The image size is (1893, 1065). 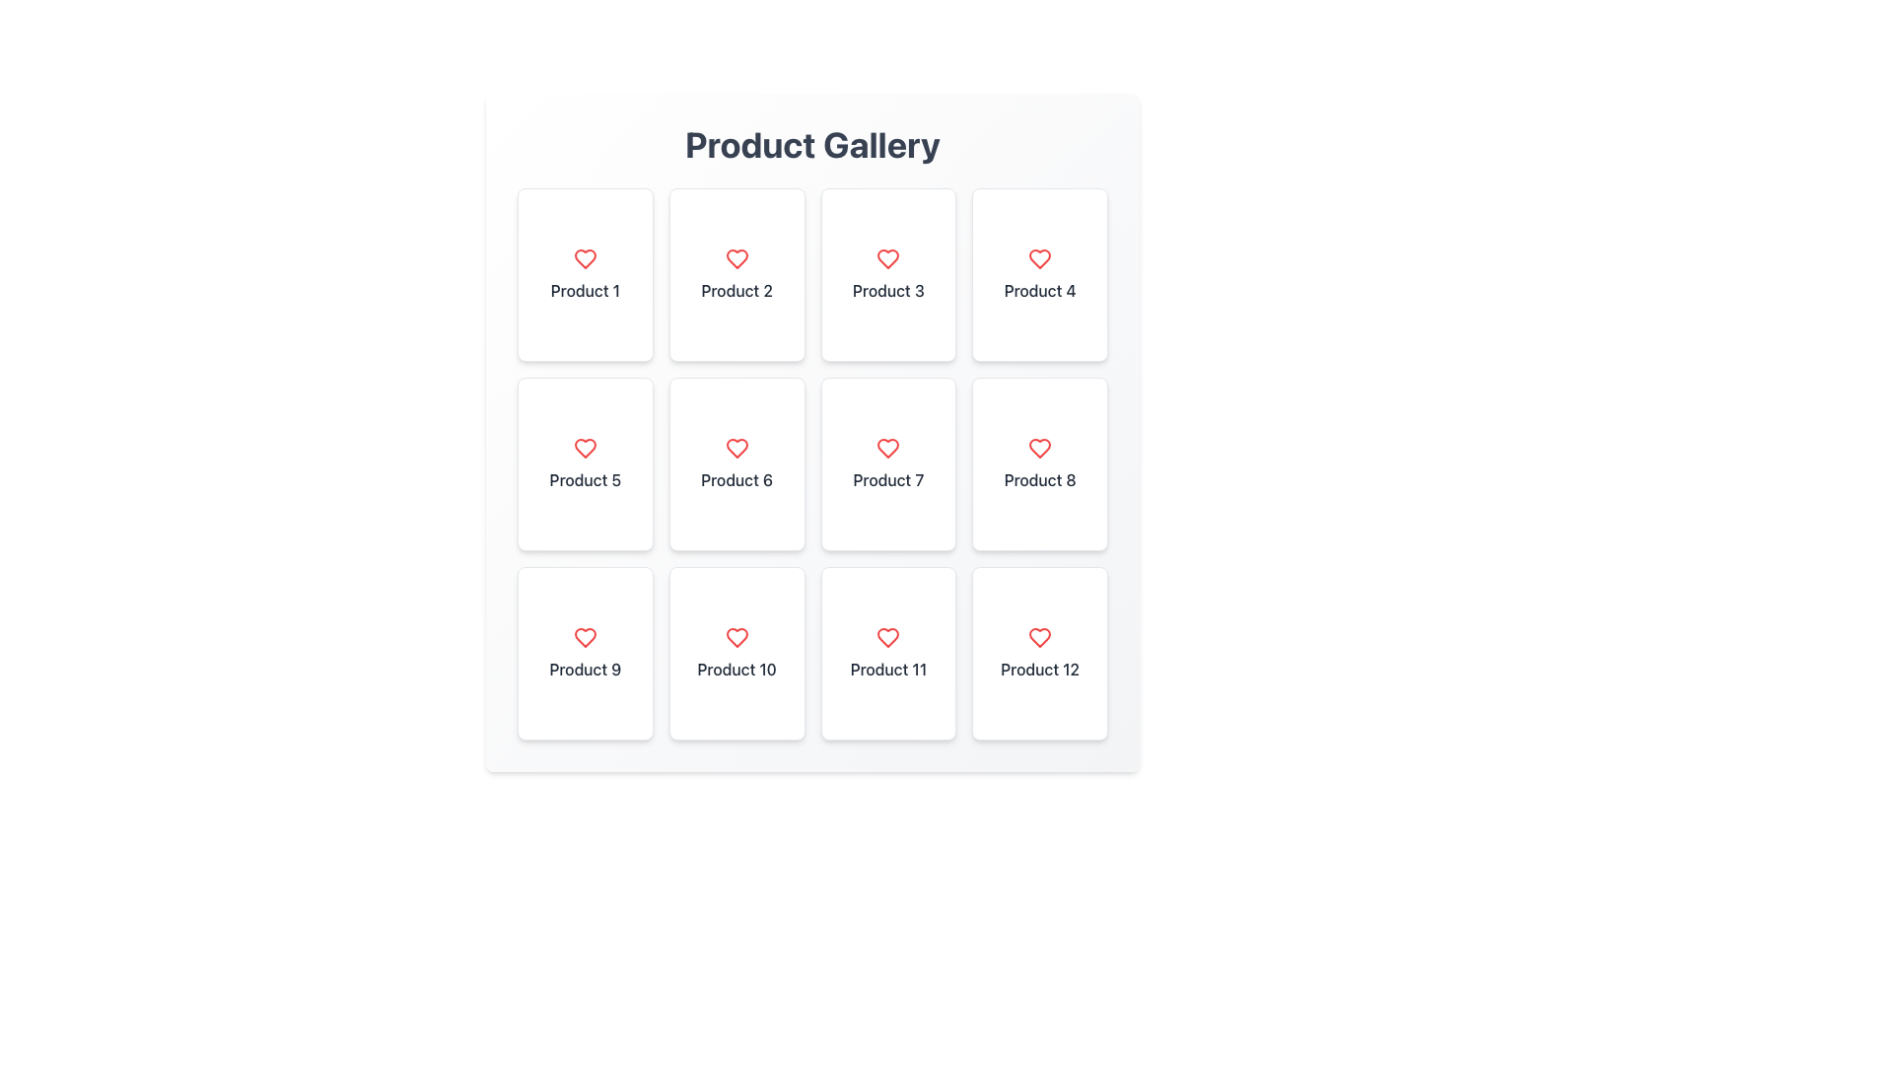 I want to click on the title text of the product located in the second card of a 4x3 grid arrangement, positioned under the heart icon, to trigger hover effects, so click(x=736, y=290).